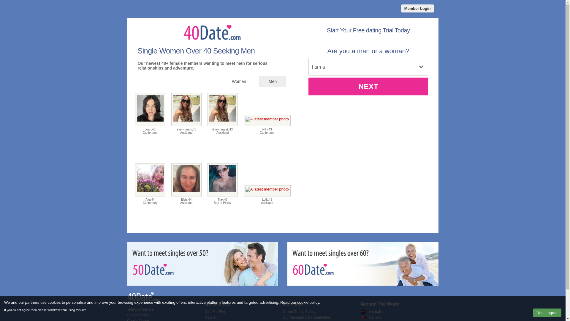 The height and width of the screenshot is (321, 570). Describe the element at coordinates (306, 317) in the screenshot. I see `'Our Personal Data Guarantee'` at that location.